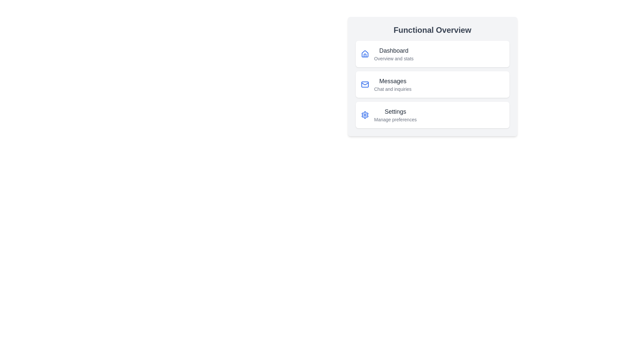 The width and height of the screenshot is (636, 358). I want to click on the settings icon located within the box labeled 'Settings' at the bottom of the options column, so click(364, 115).